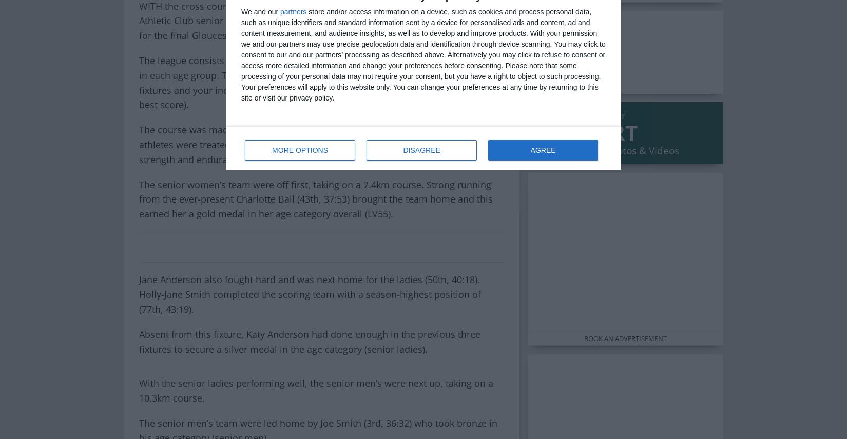  What do you see at coordinates (602, 132) in the screenshot?
I see `'SPORT'` at bounding box center [602, 132].